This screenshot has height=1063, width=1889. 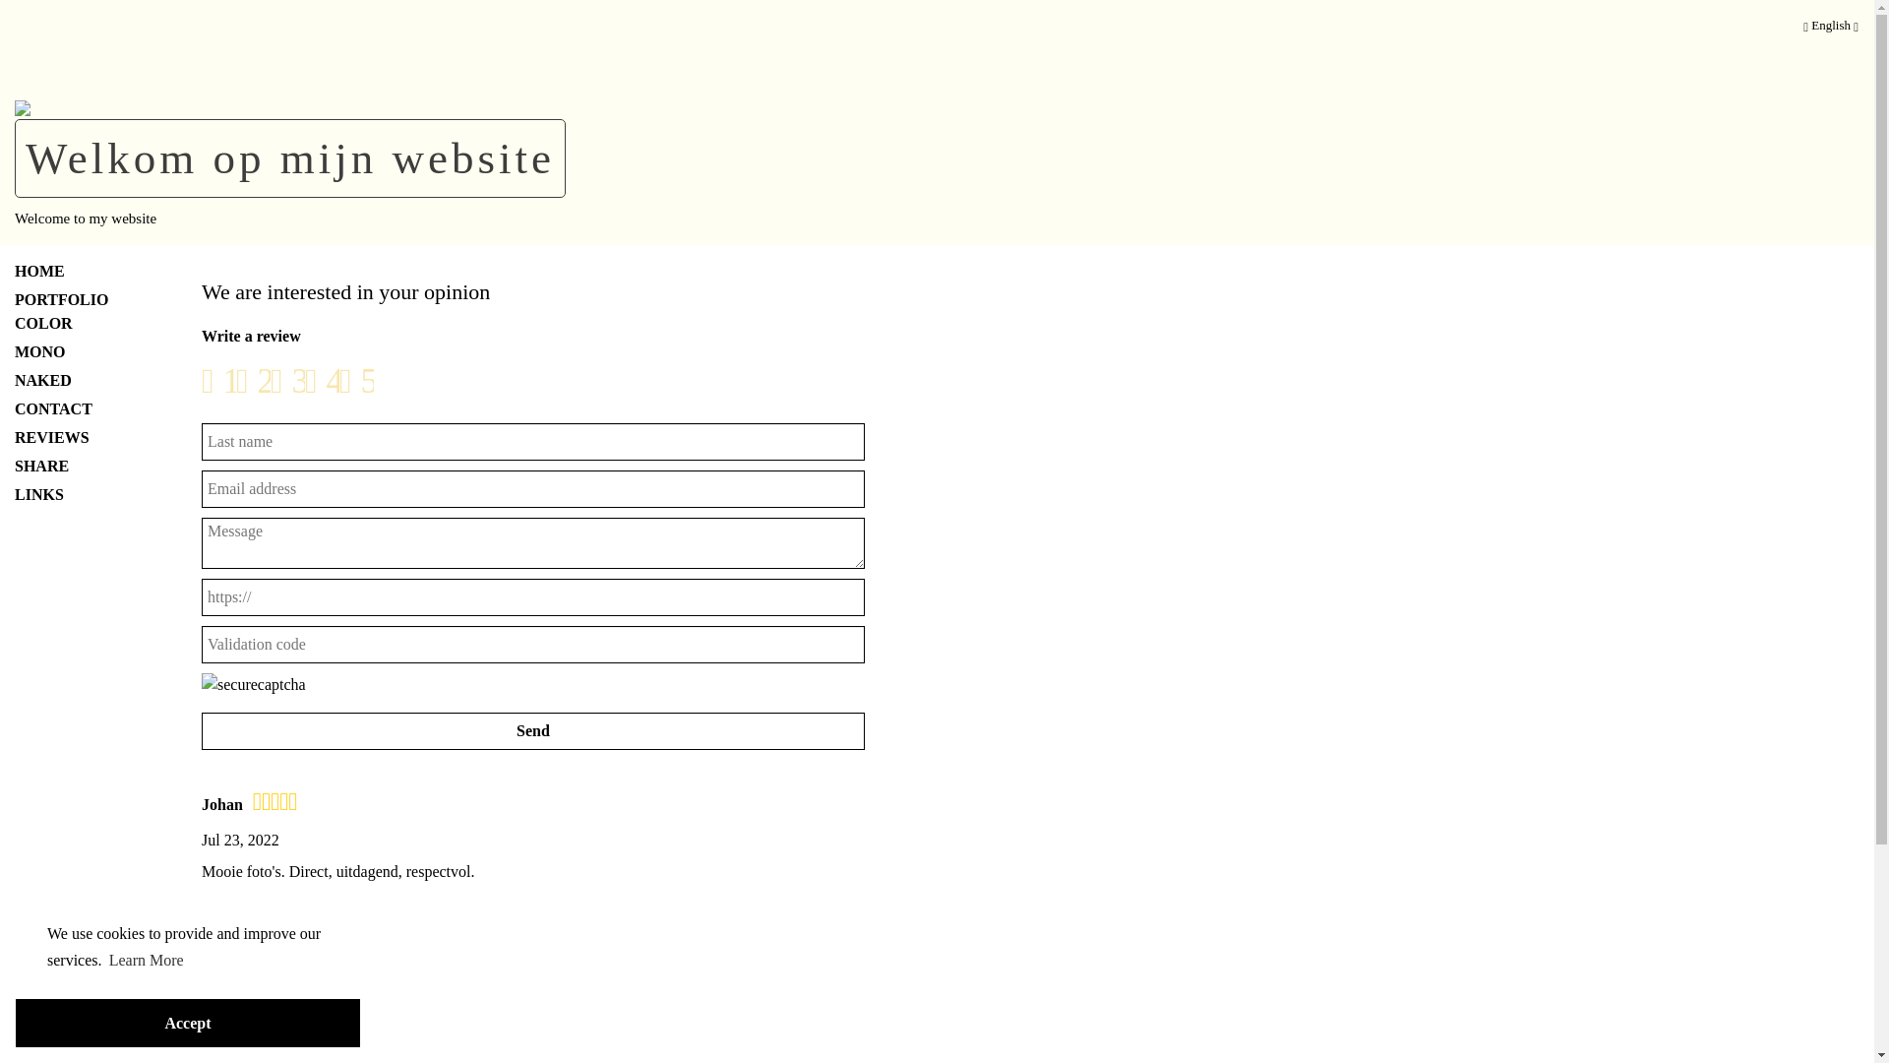 What do you see at coordinates (79, 272) in the screenshot?
I see `'HOME'` at bounding box center [79, 272].